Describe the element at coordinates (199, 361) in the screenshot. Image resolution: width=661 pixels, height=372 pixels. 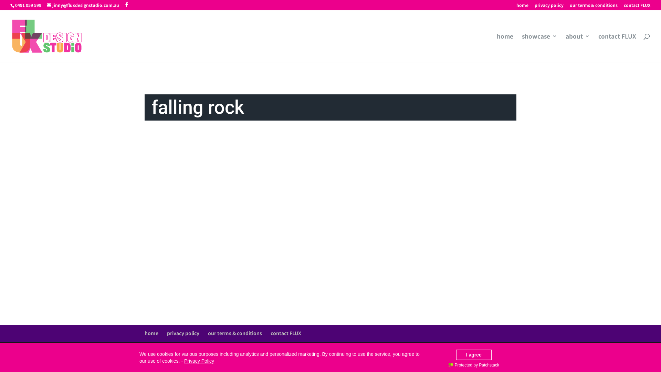
I see `'Privacy Policy'` at that location.